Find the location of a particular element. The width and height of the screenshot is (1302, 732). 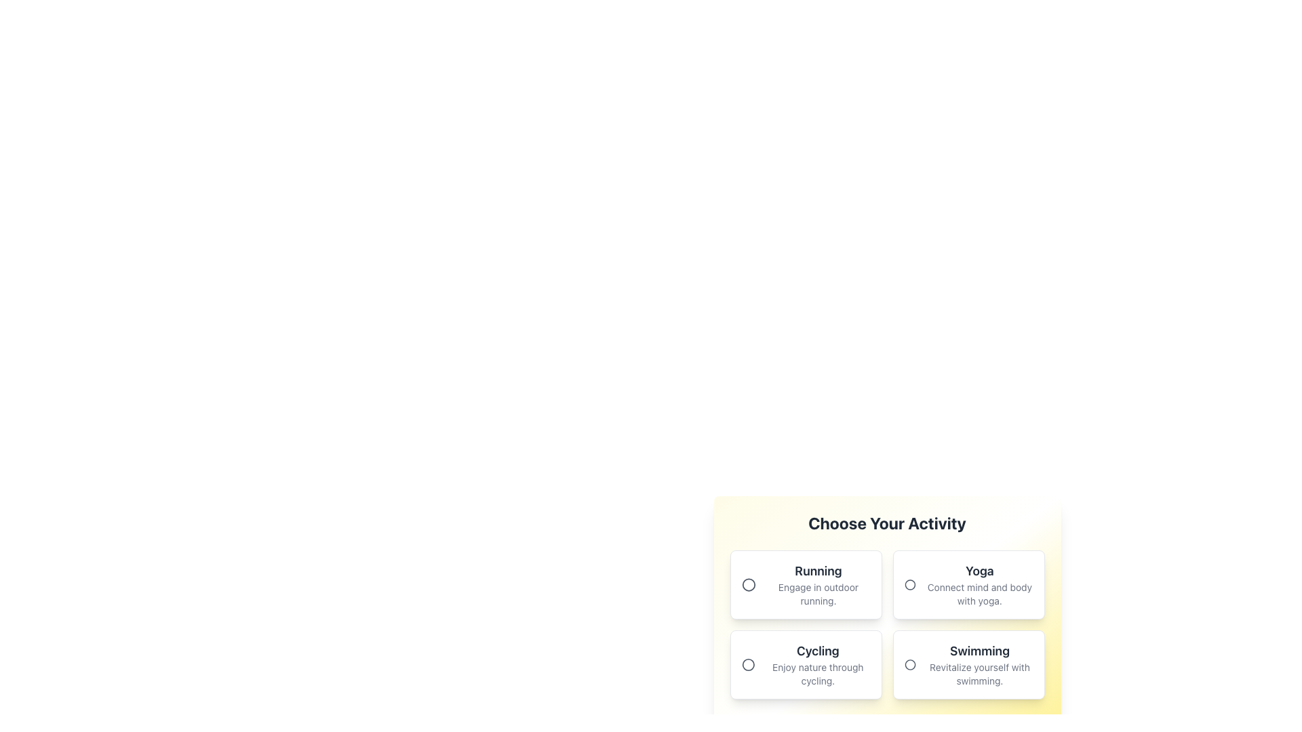

the static text element that reads 'Revitalize yourself with swimming.' which is styled in gray and located below the title 'Swimming' within the card layout is located at coordinates (979, 674).